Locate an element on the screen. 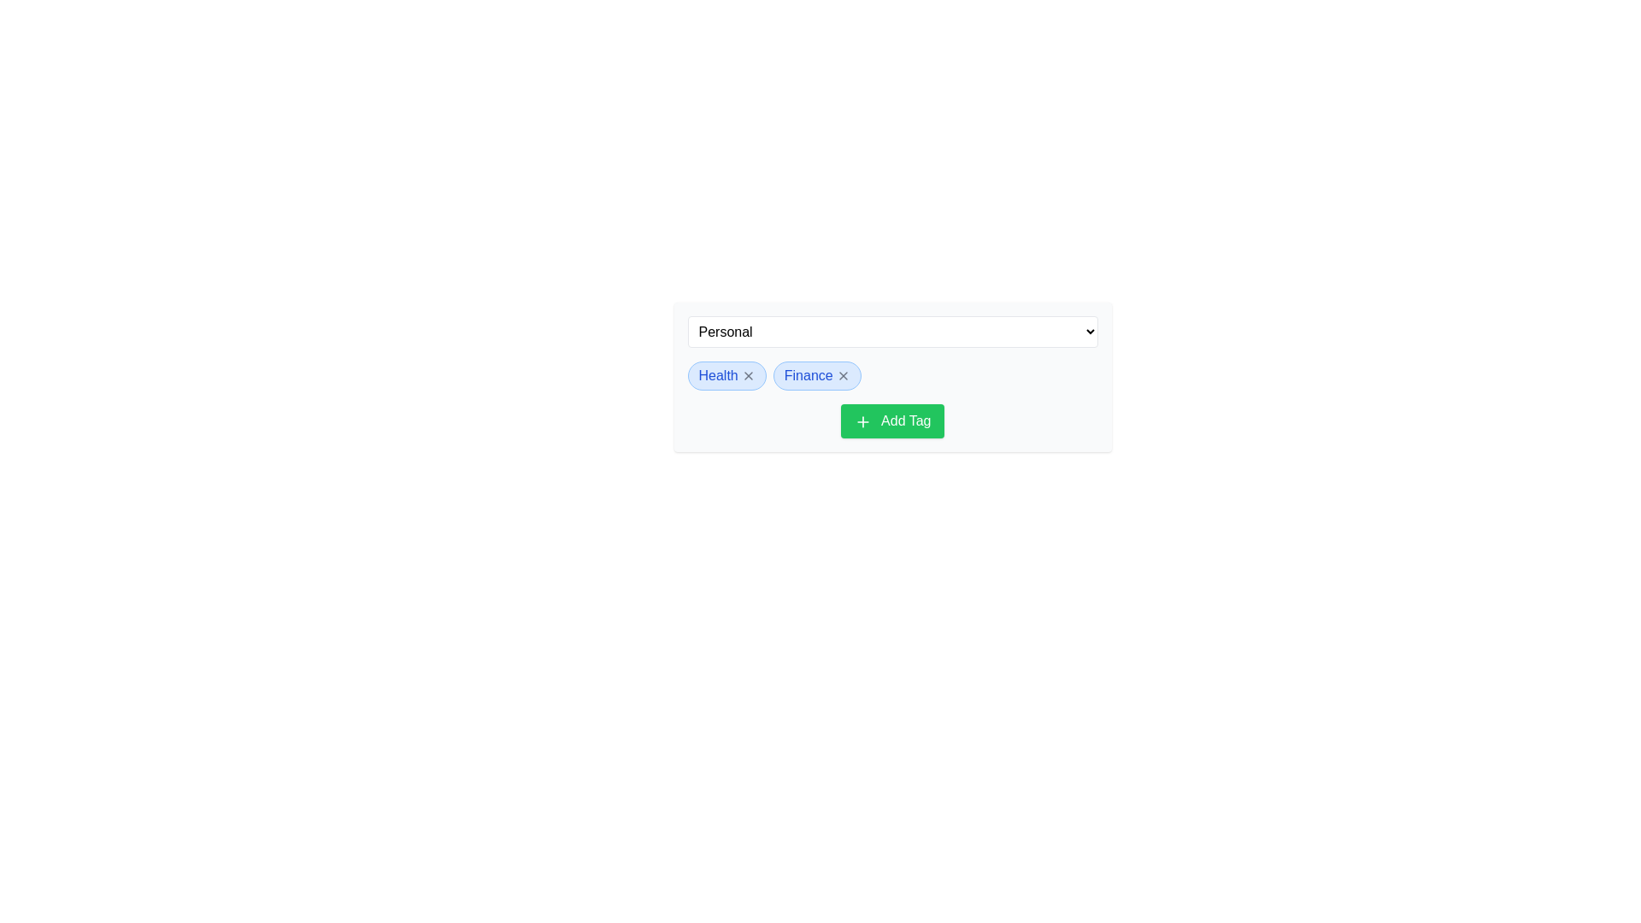  the 'X' icon within the rounded tag labeled 'Finance' is located at coordinates (843, 374).